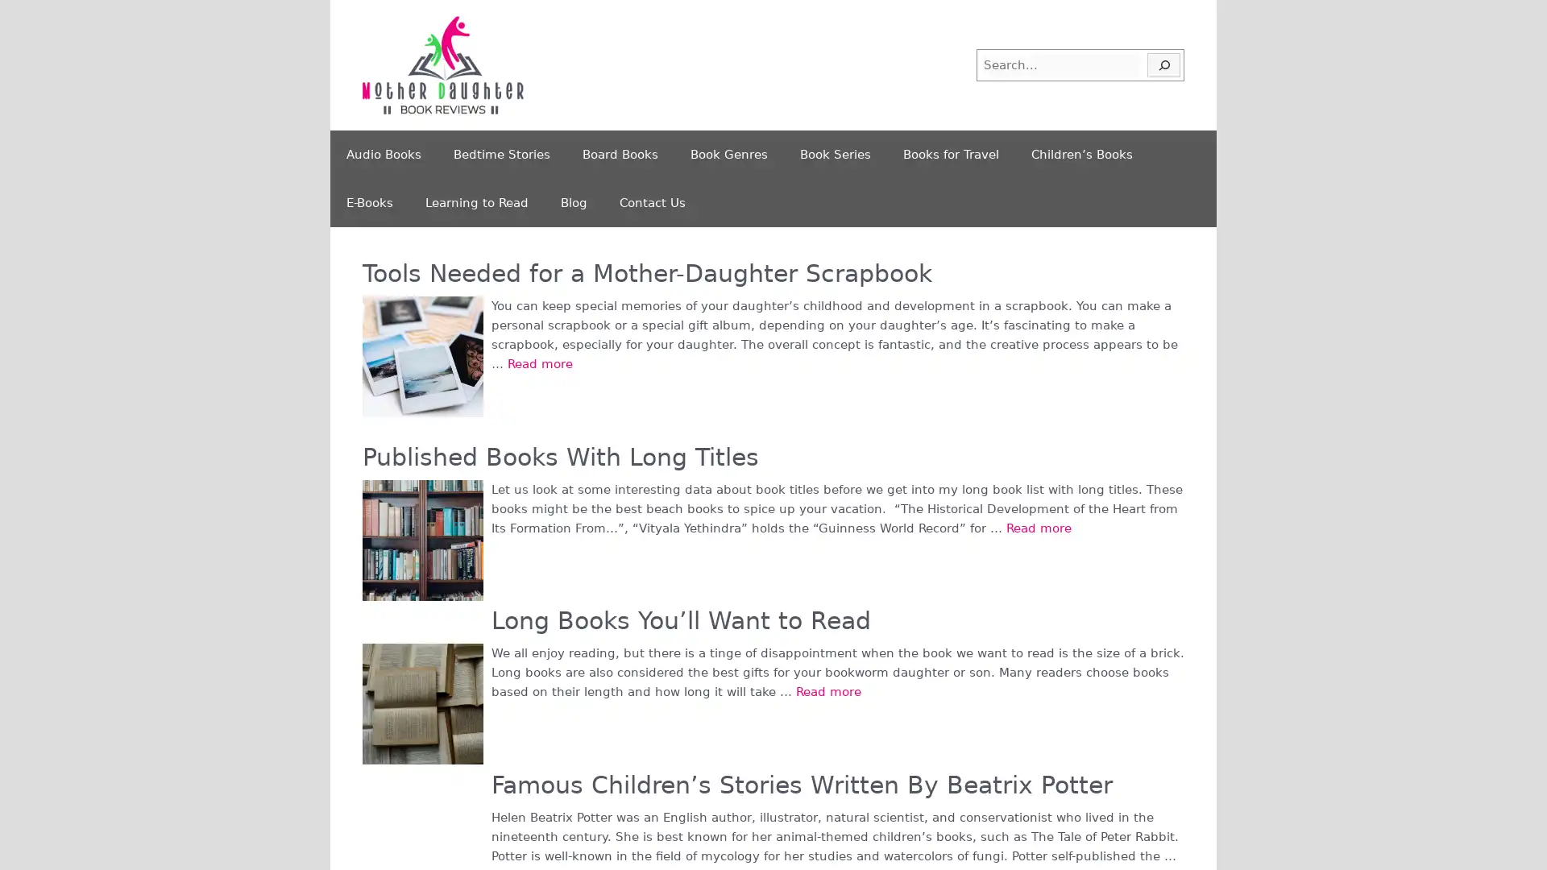  I want to click on Search, so click(1163, 64).